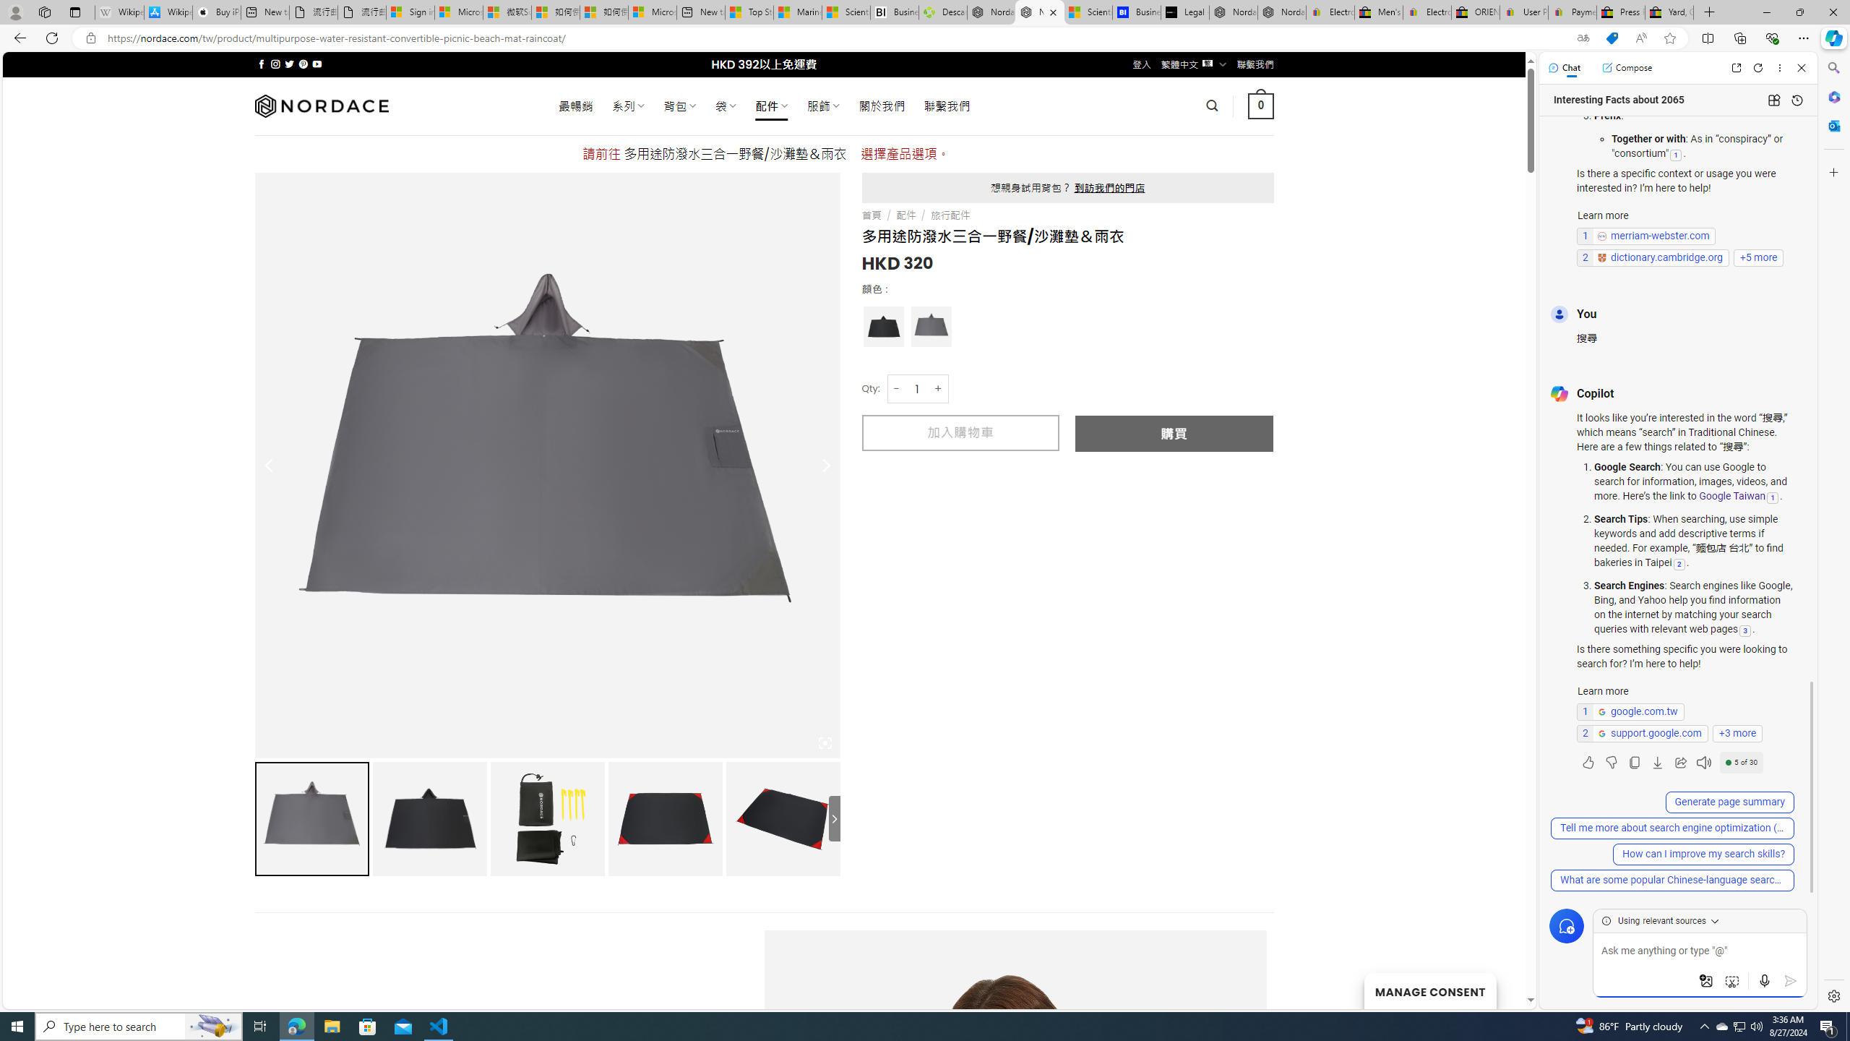 This screenshot has height=1041, width=1850. What do you see at coordinates (1564, 67) in the screenshot?
I see `'Chat'` at bounding box center [1564, 67].